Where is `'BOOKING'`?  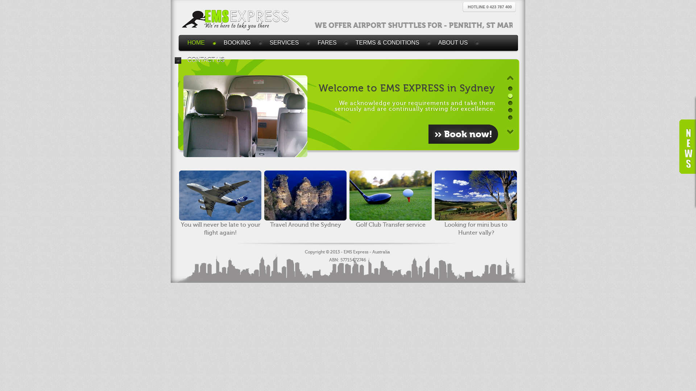
'BOOKING' is located at coordinates (239, 43).